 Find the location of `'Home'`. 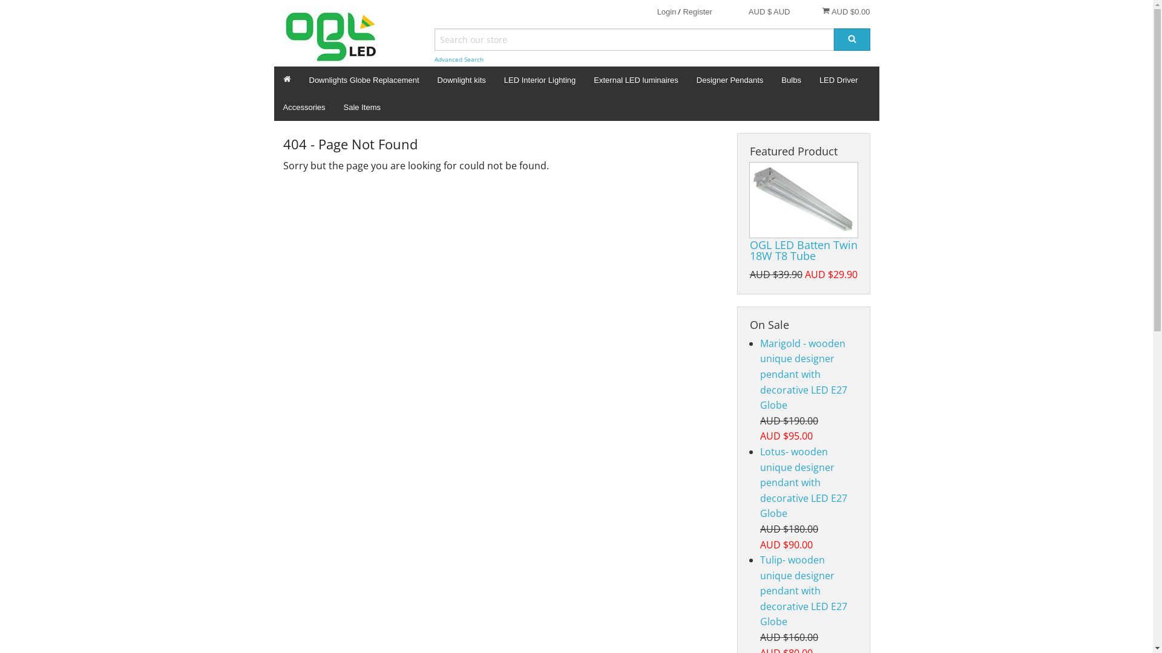

'Home' is located at coordinates (272, 80).